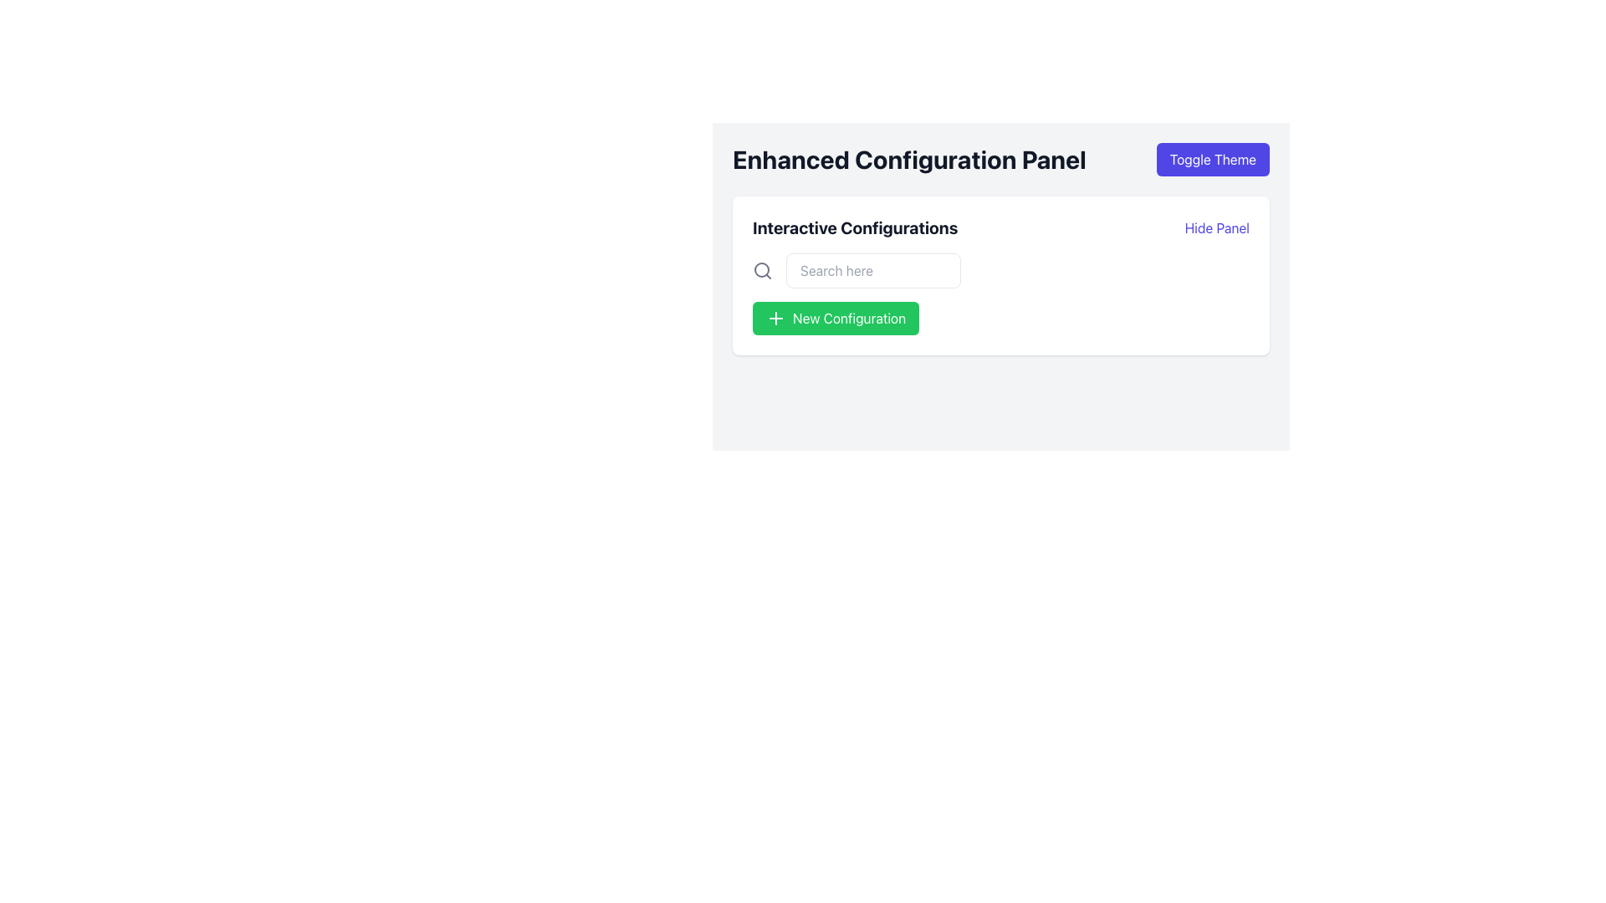  I want to click on the toggle button located in the top-right corner of the interface, next to the 'Enhanced Configuration Panel' header, so click(1213, 160).